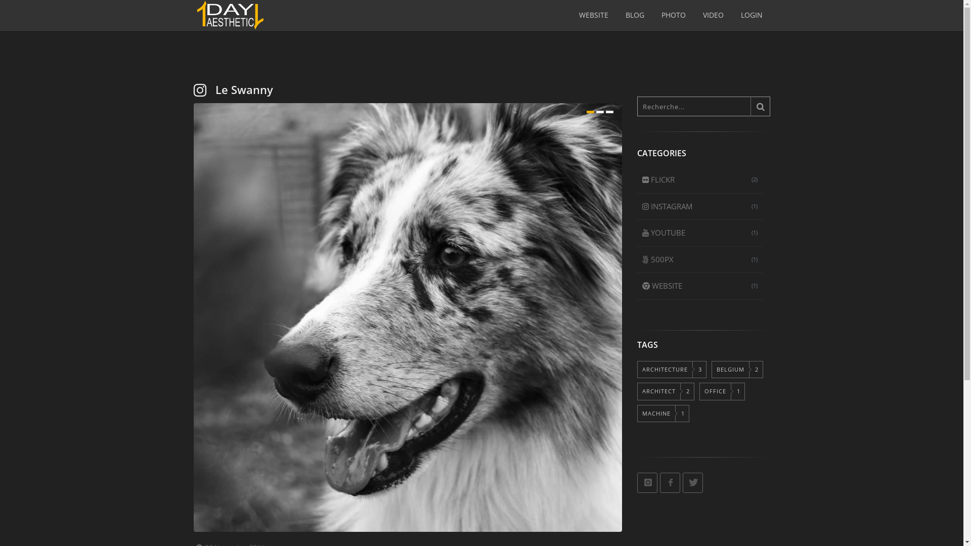 The image size is (971, 546). I want to click on '(2), so click(699, 179).